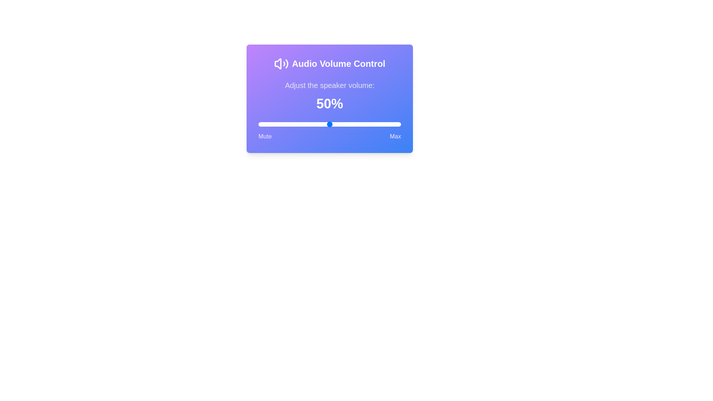  What do you see at coordinates (395, 136) in the screenshot?
I see `the Max label to interact with it` at bounding box center [395, 136].